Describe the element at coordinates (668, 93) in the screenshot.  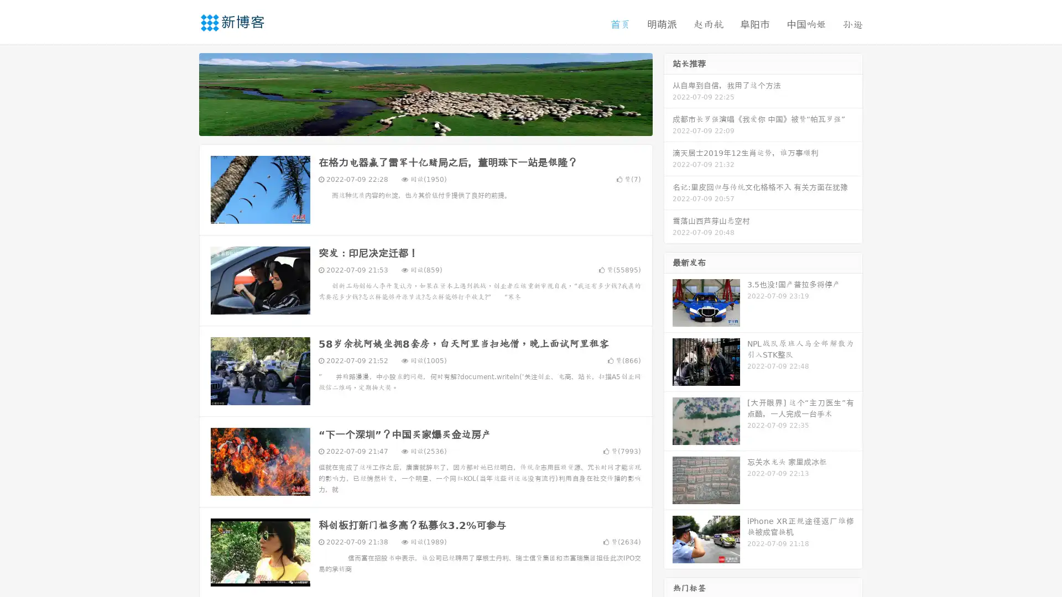
I see `Next slide` at that location.